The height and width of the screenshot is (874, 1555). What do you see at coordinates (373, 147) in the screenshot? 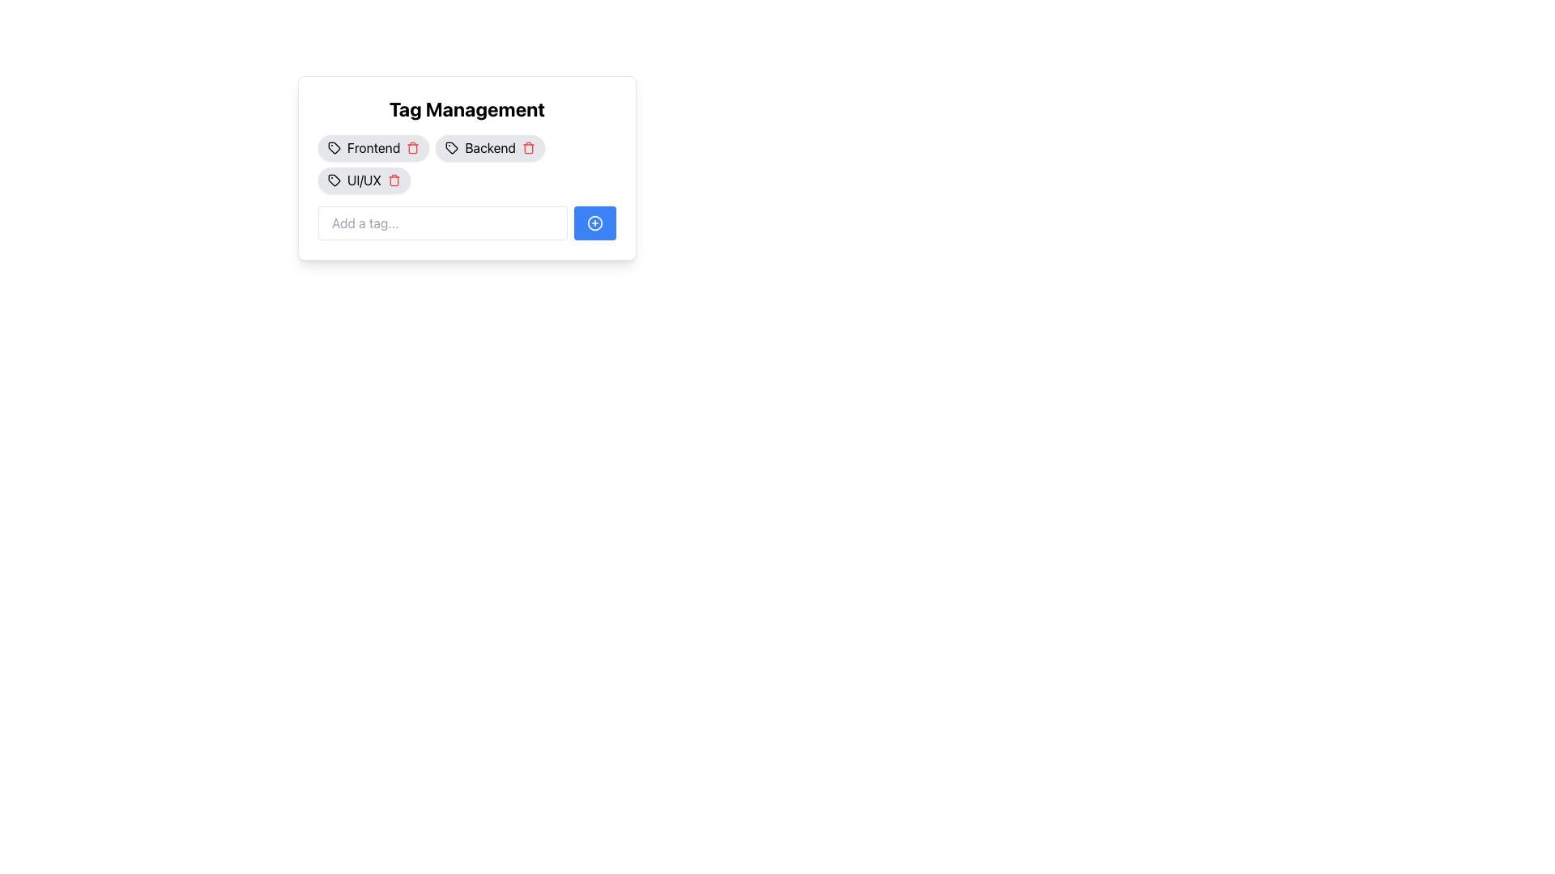
I see `the 'Frontend' text label, which is positioned to the right of the tag icon and left of the delete button in the Tag Management section` at bounding box center [373, 147].